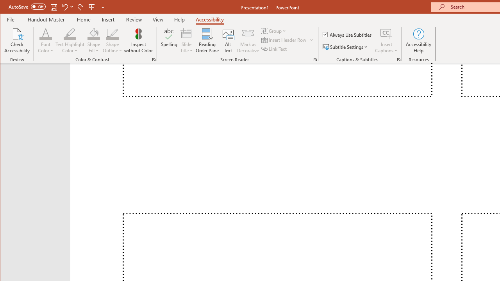  What do you see at coordinates (70, 33) in the screenshot?
I see `'Text Highlight Color'` at bounding box center [70, 33].